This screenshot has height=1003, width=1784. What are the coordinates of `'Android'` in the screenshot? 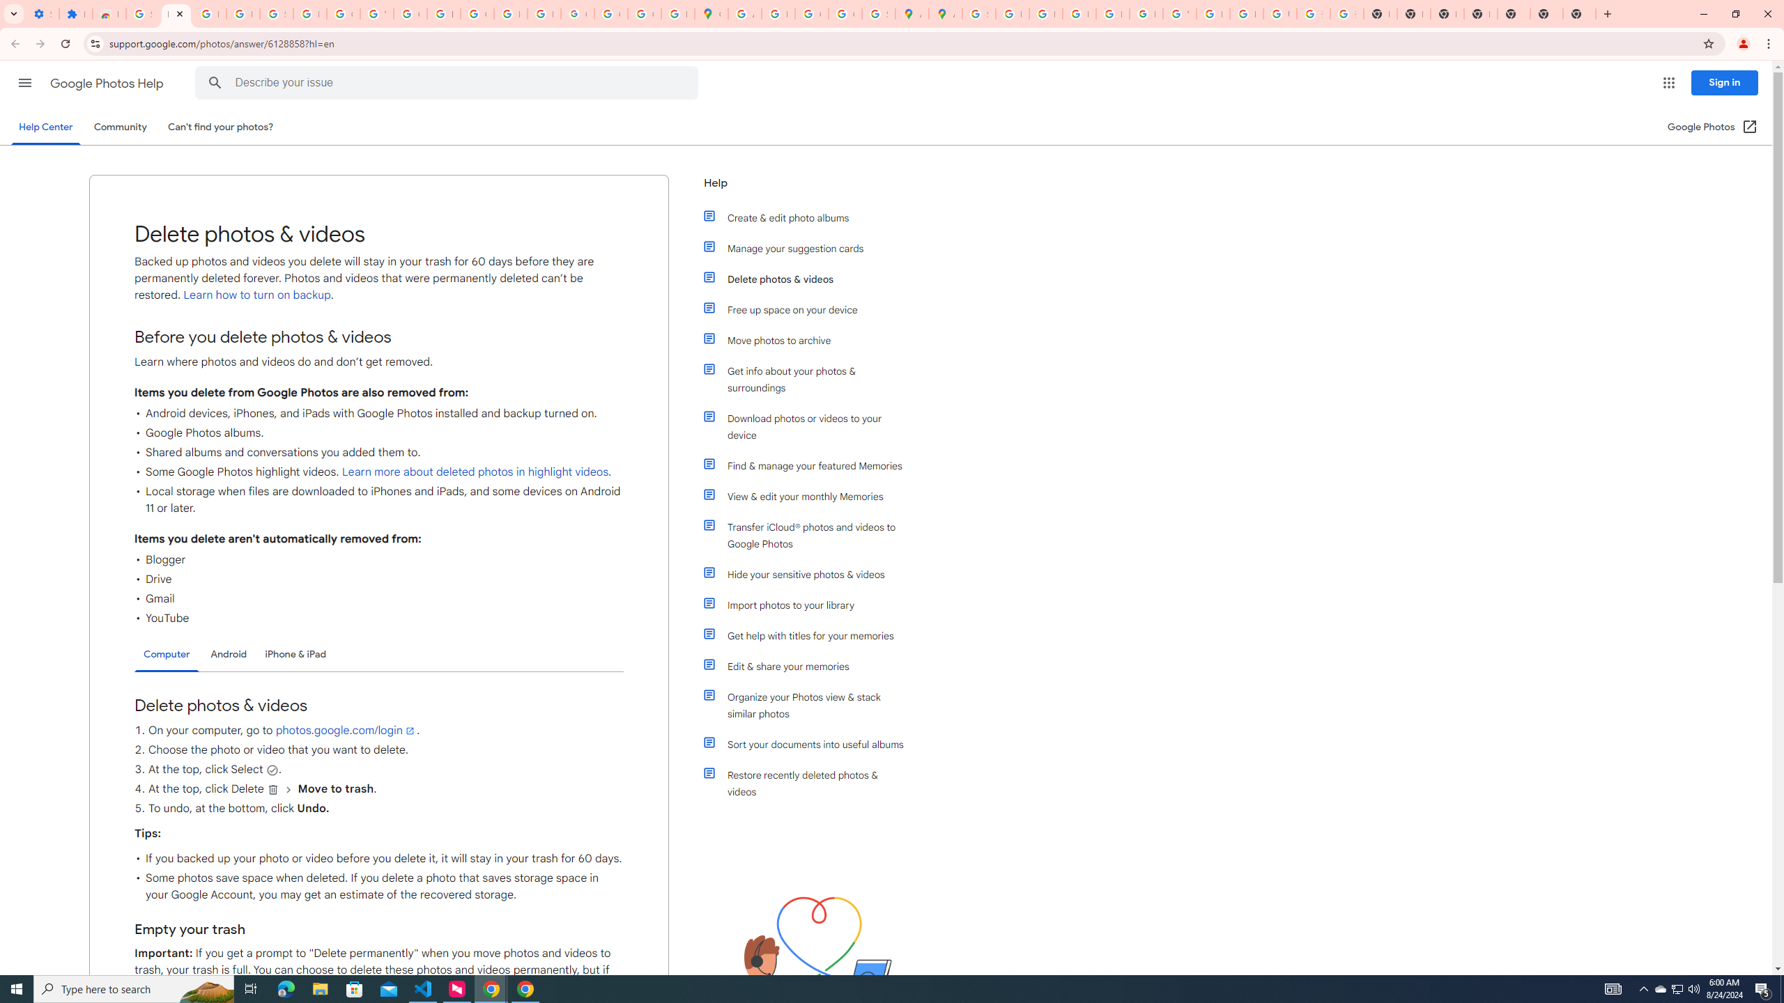 It's located at (228, 653).